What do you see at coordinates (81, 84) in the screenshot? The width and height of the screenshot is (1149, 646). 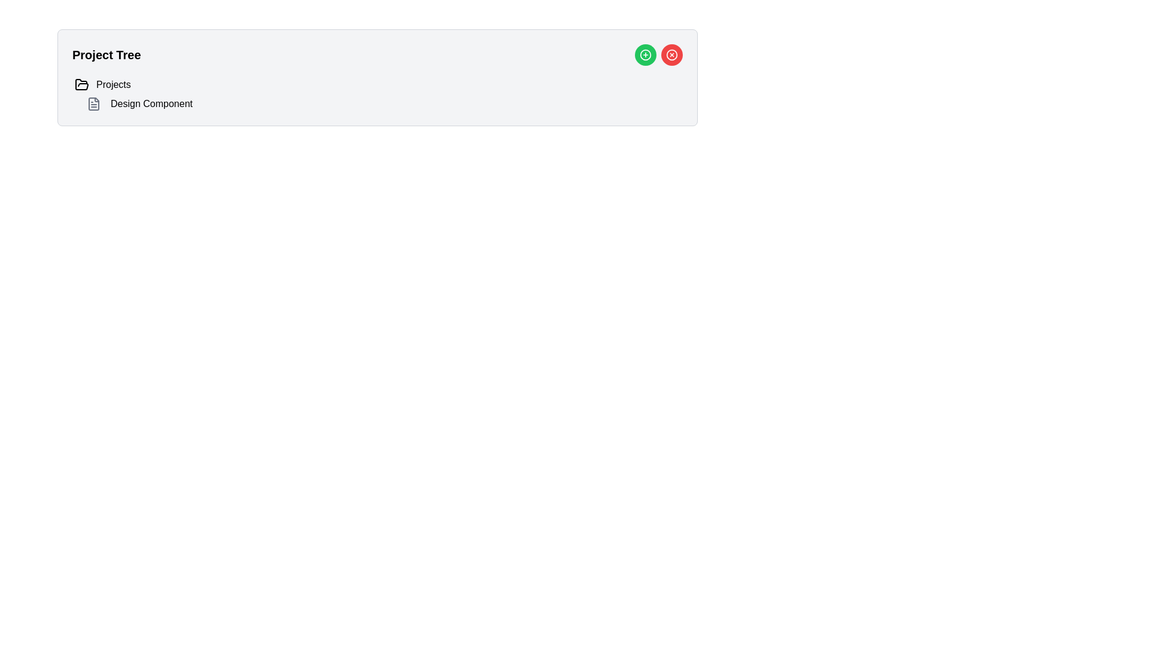 I see `the small folder icon located to the left of the text 'Projects' in the 'Project Tree' section` at bounding box center [81, 84].